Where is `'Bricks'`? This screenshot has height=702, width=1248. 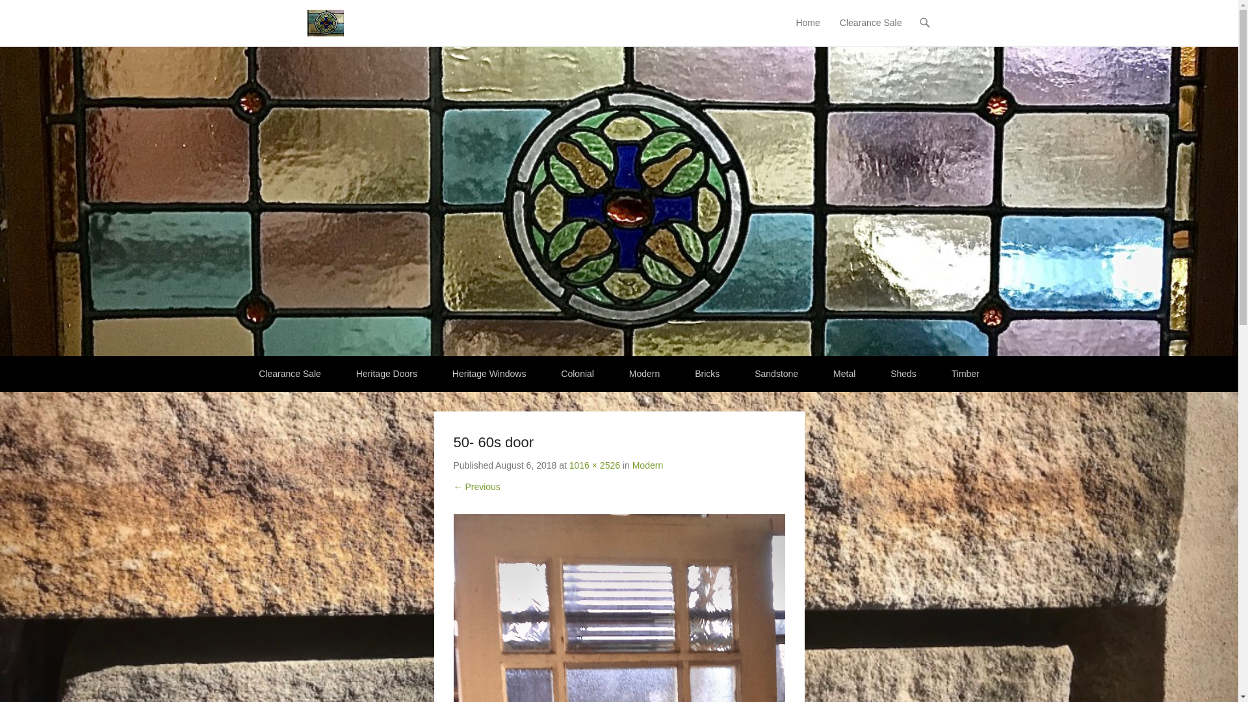
'Bricks' is located at coordinates (707, 374).